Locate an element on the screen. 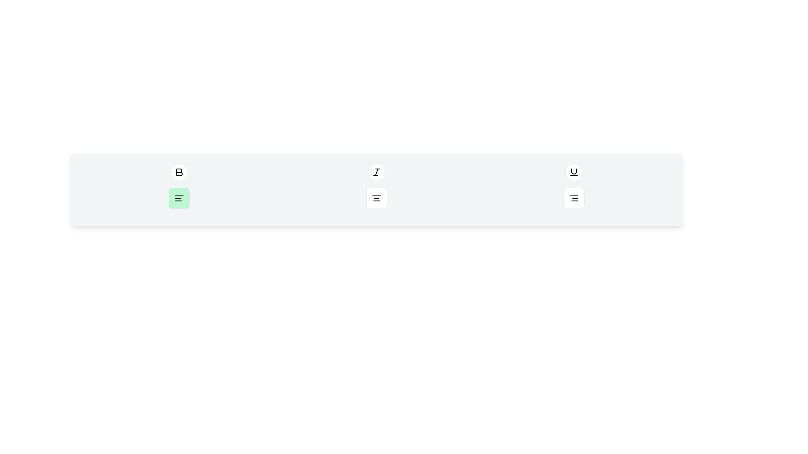 This screenshot has height=454, width=808. the underline formatting button located at the right end of the horizontal button group in the text editor toolset to apply underline formatting to the selected text is located at coordinates (573, 172).